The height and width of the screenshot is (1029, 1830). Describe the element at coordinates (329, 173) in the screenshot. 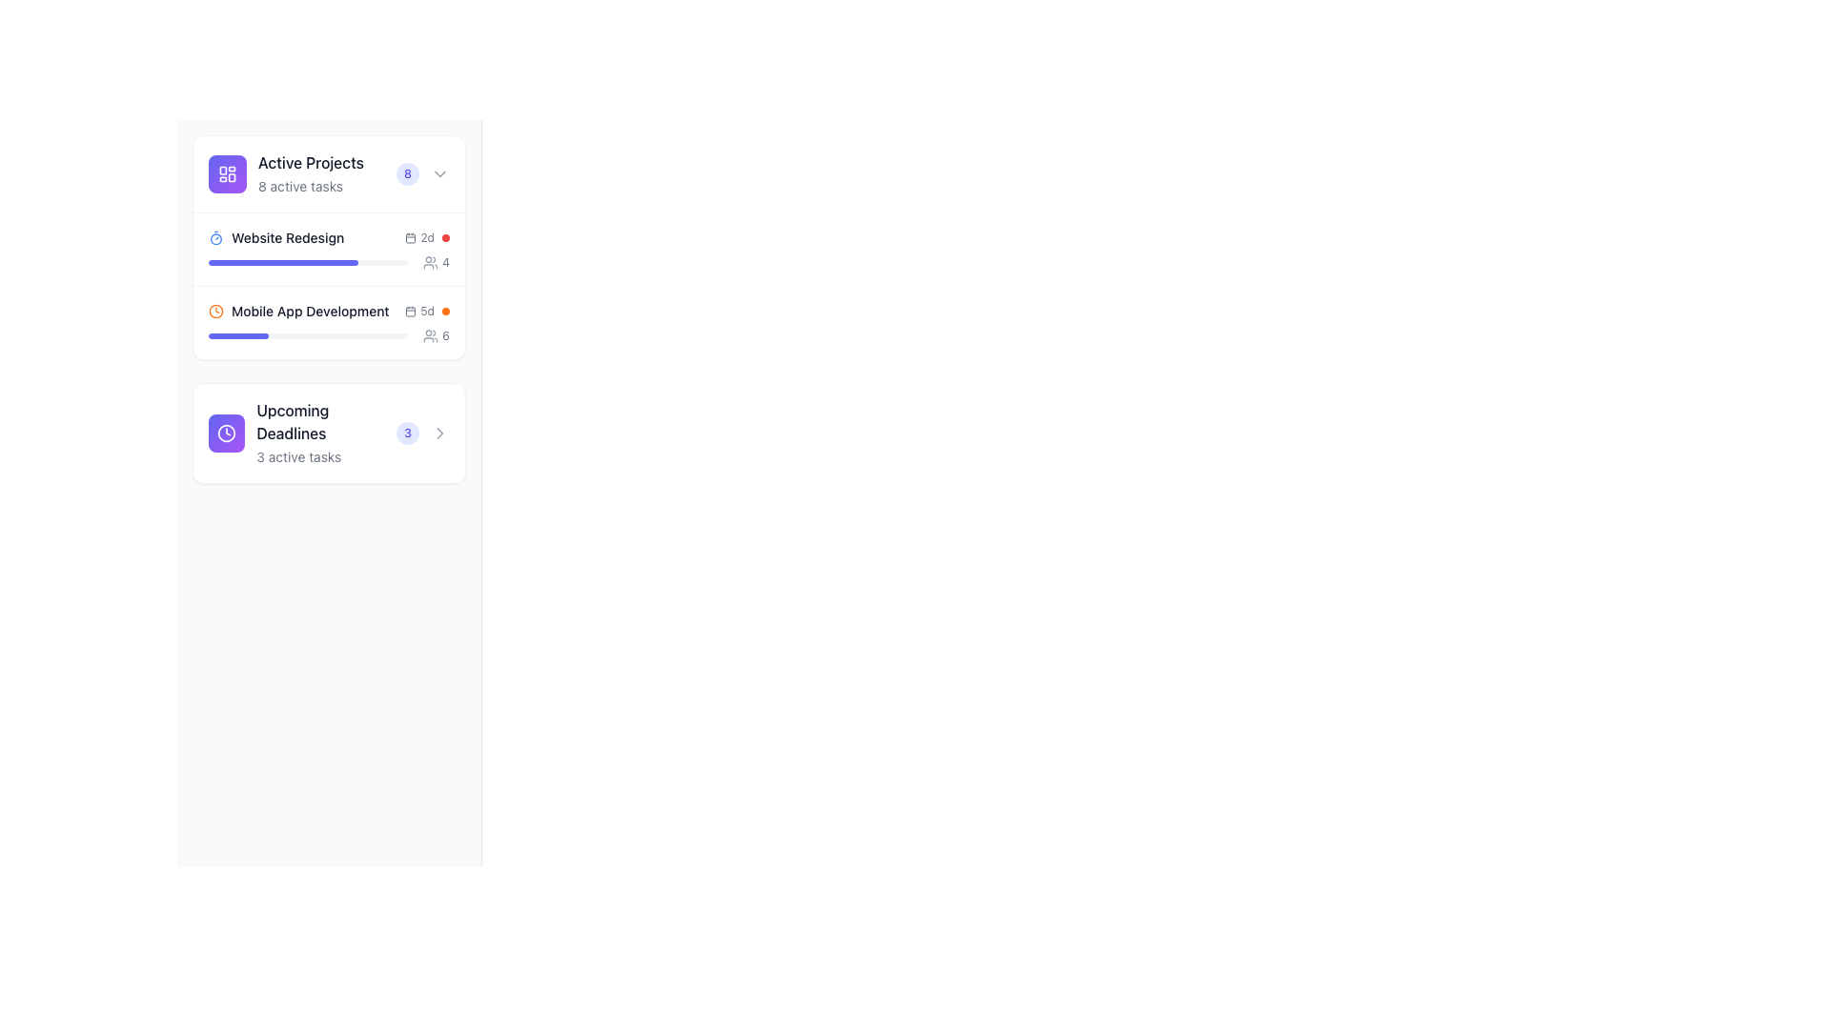

I see `the Interactive group header for 'Active Projects'` at that location.